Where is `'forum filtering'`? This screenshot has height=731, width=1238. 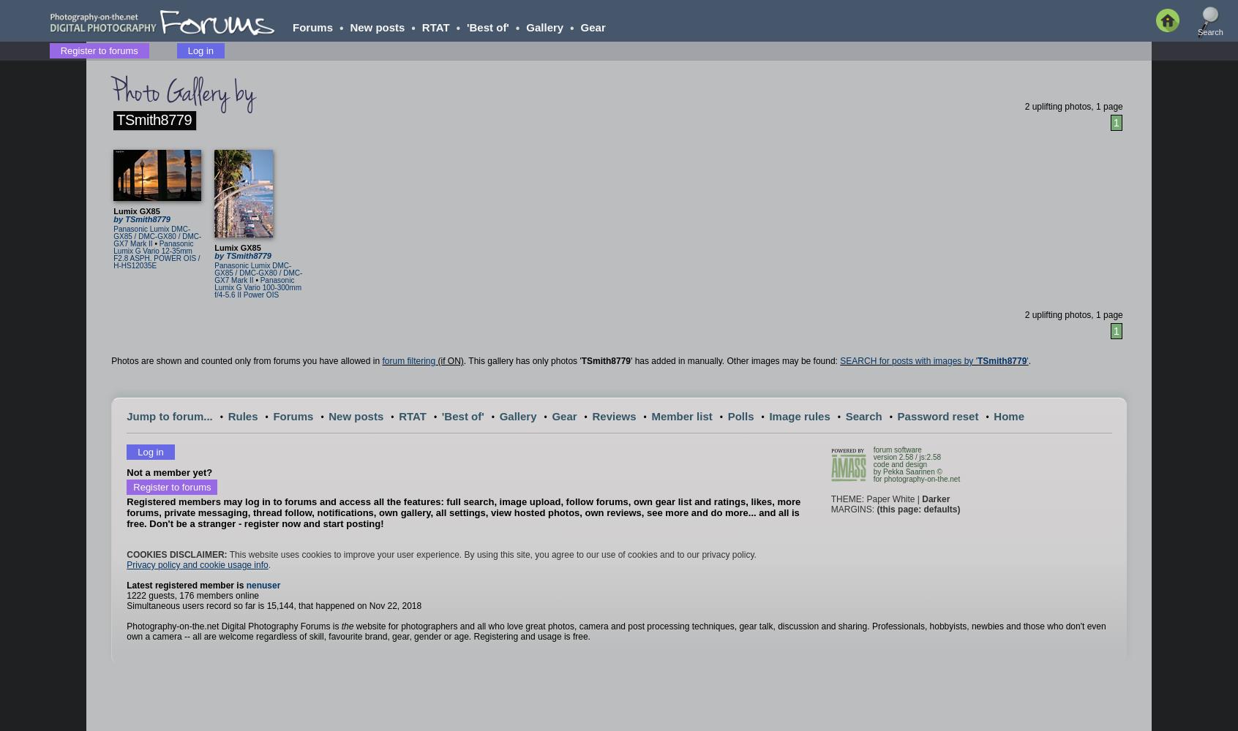
'forum filtering' is located at coordinates (408, 360).